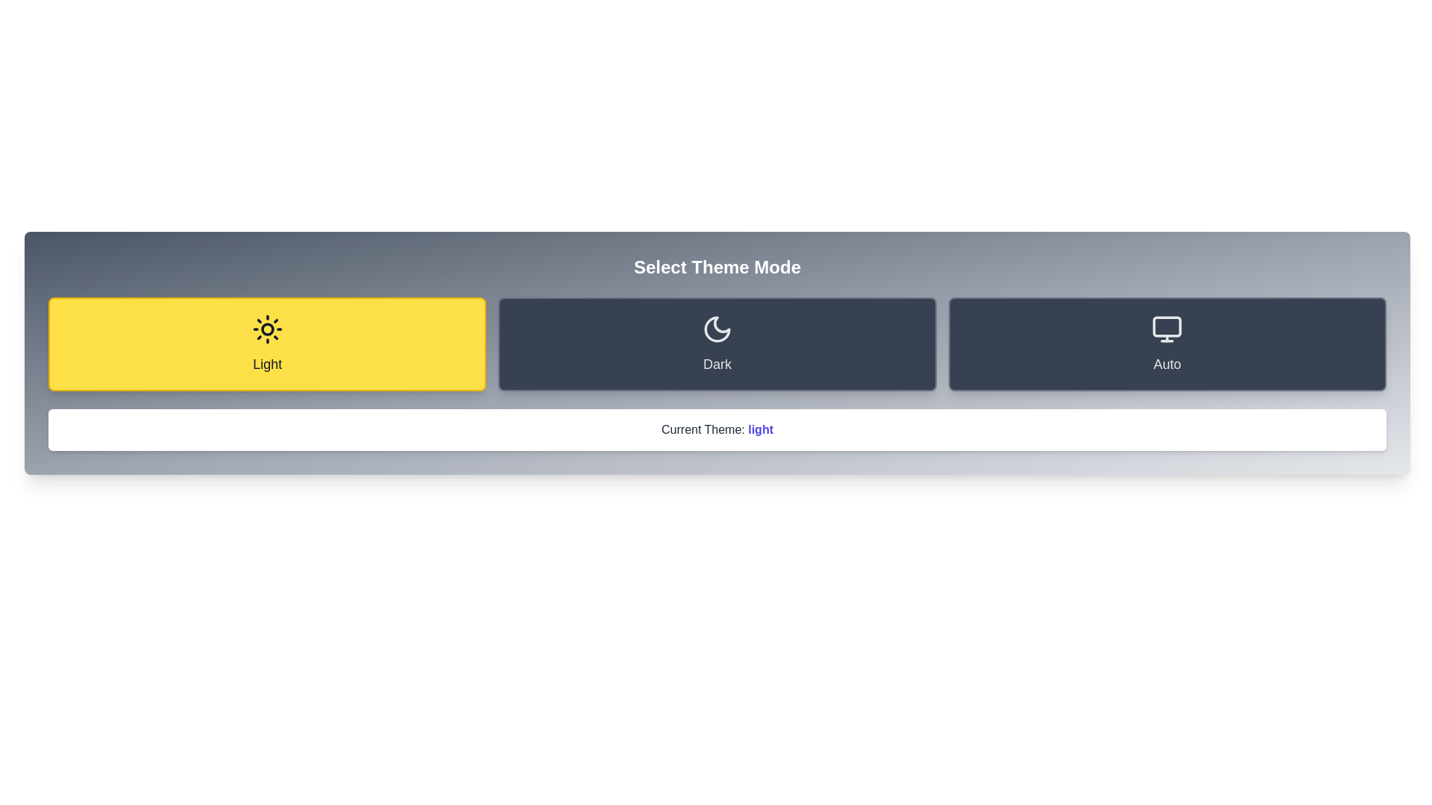 This screenshot has height=805, width=1432. Describe the element at coordinates (1166, 364) in the screenshot. I see `the 'Auto' label, which is the last card on the right, indicating the automatic theme mode in the application, located at the bottom center of the card beneath a monitor icon` at that location.